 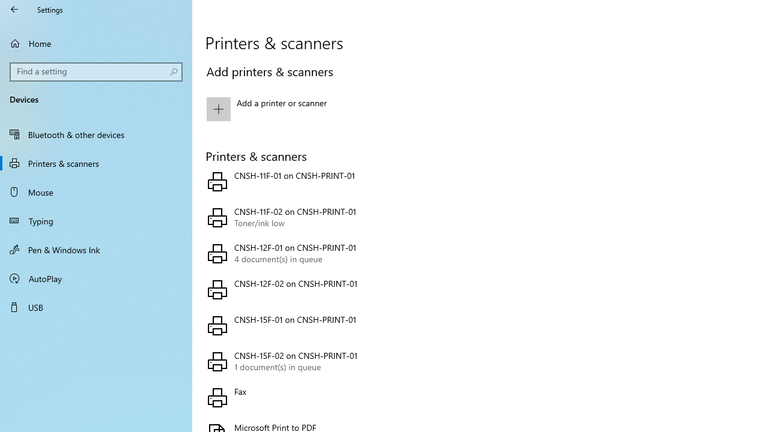 I want to click on 'USB', so click(x=96, y=306).